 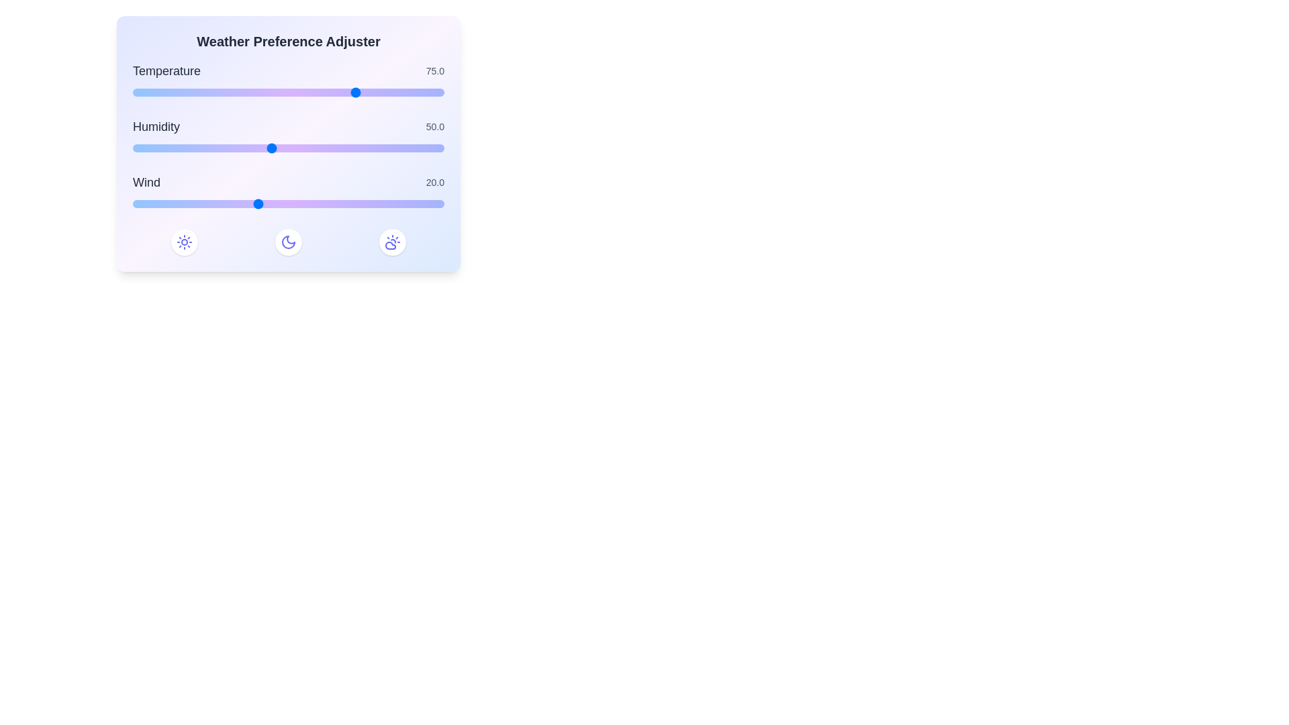 I want to click on the humidity value, so click(x=143, y=148).